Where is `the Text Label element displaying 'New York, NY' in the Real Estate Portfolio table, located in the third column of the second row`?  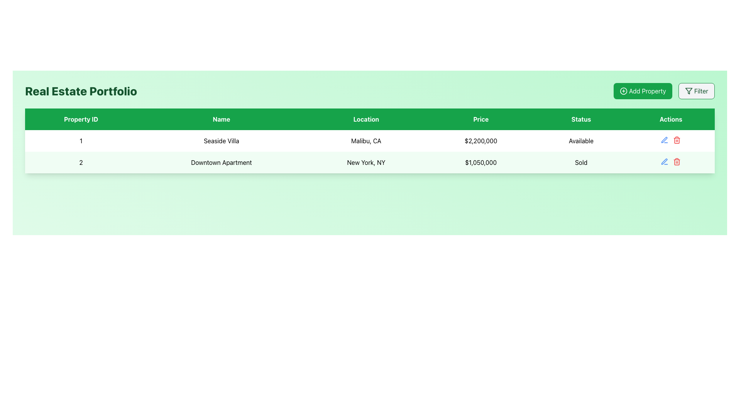
the Text Label element displaying 'New York, NY' in the Real Estate Portfolio table, located in the third column of the second row is located at coordinates (366, 162).